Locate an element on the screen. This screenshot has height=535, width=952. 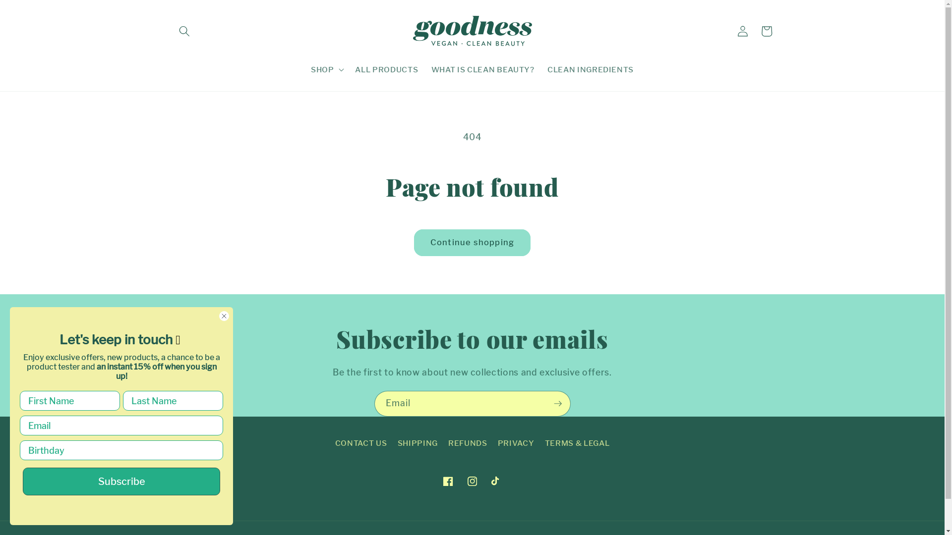
'CLEAN INGREDIENTS' is located at coordinates (591, 69).